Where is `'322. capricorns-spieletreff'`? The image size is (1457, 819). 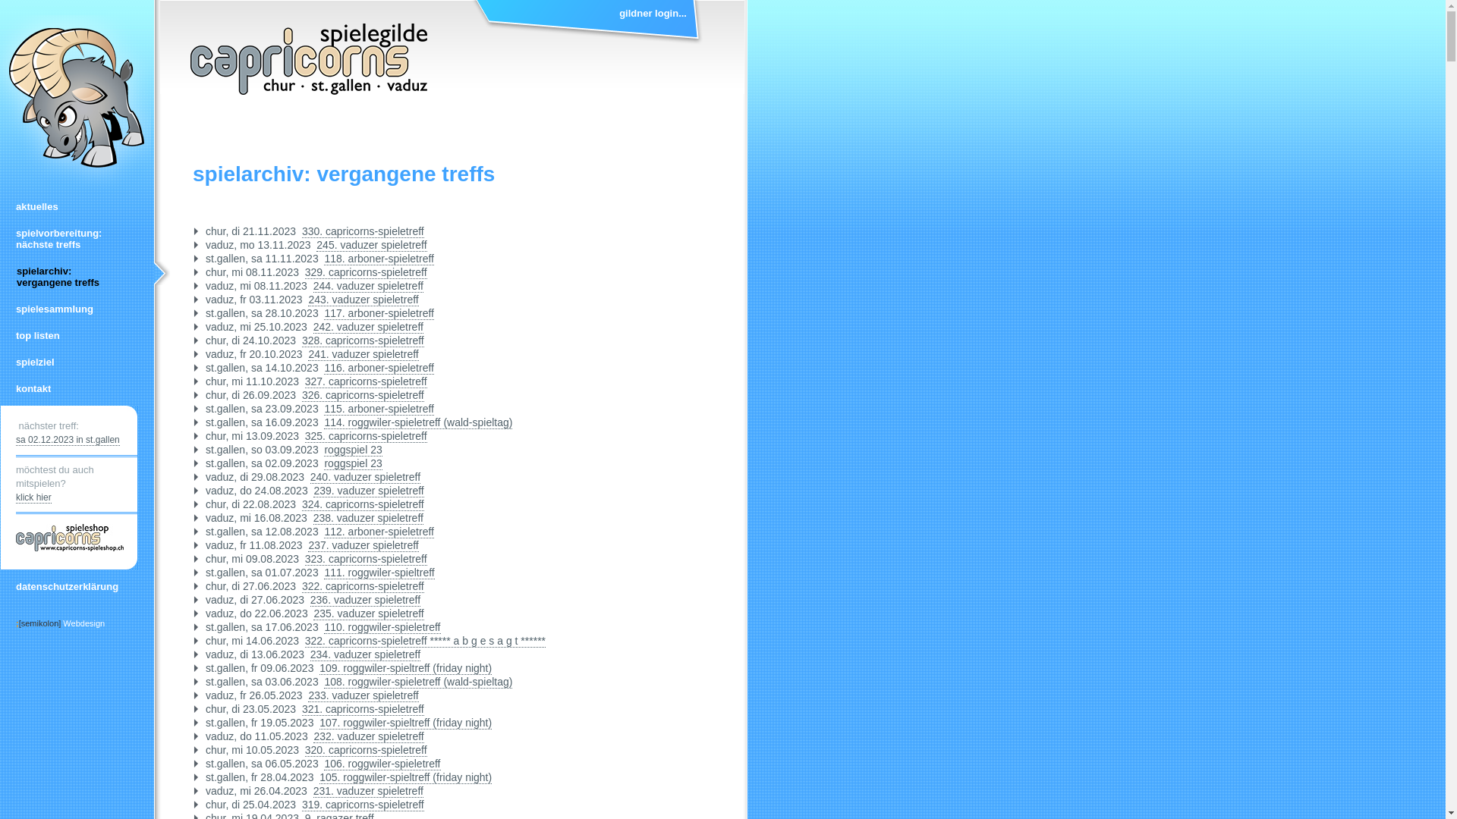 '322. capricorns-spieletreff' is located at coordinates (302, 585).